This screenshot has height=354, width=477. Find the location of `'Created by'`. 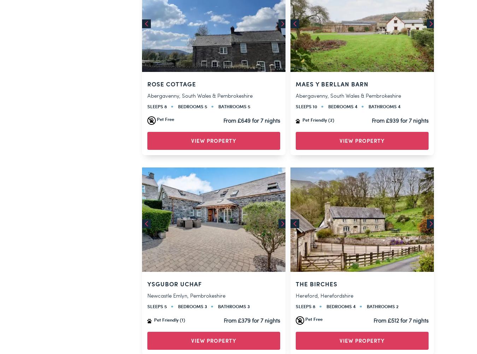

'Created by' is located at coordinates (189, 317).